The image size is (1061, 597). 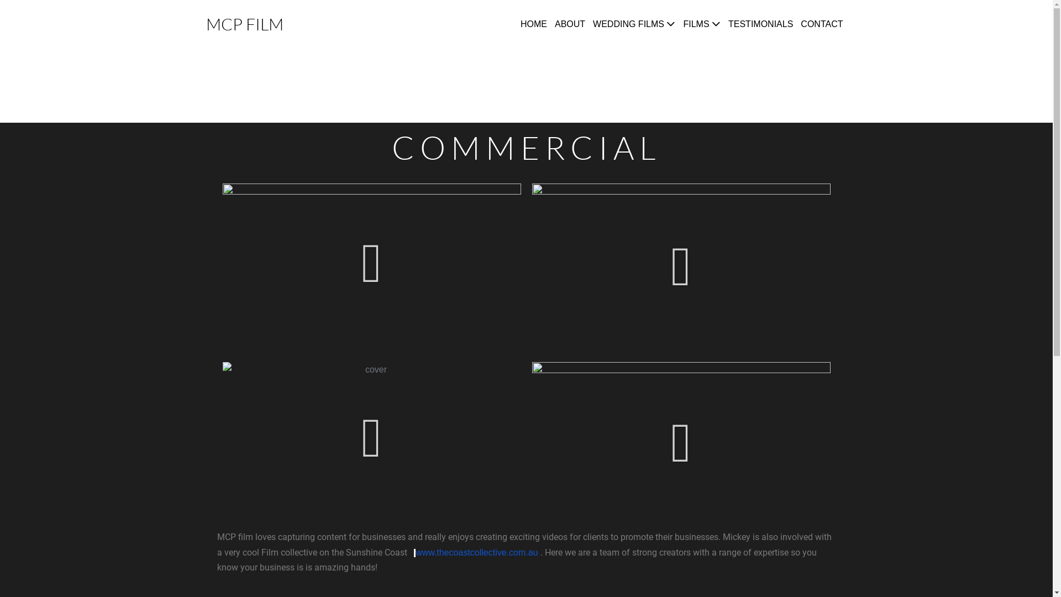 I want to click on 'WEDDING FILMS', so click(x=634, y=24).